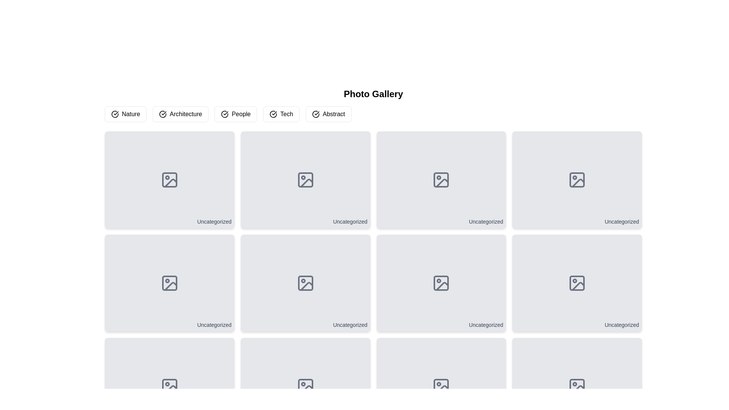  Describe the element at coordinates (577, 386) in the screenshot. I see `the small rectangle with rounded corners located at the bottom right of the image placeholder icon, which is a decorative non-interactive element` at that location.